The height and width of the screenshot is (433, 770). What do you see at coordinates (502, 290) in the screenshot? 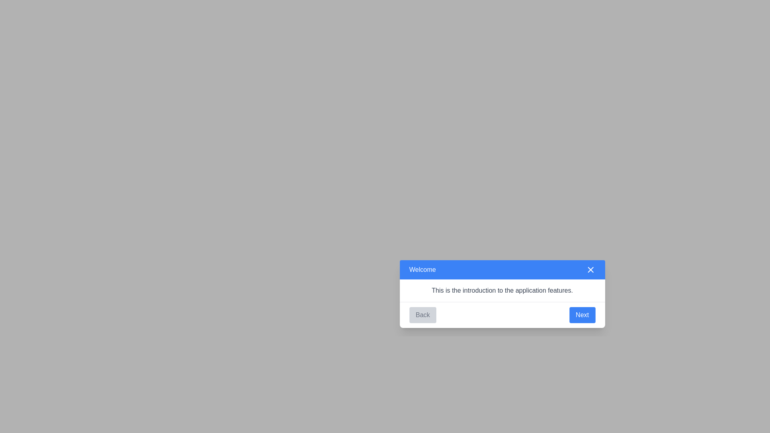
I see `the static text displaying 'This is the introduction to the application features.' located within the modal below the 'Welcome' header` at bounding box center [502, 290].